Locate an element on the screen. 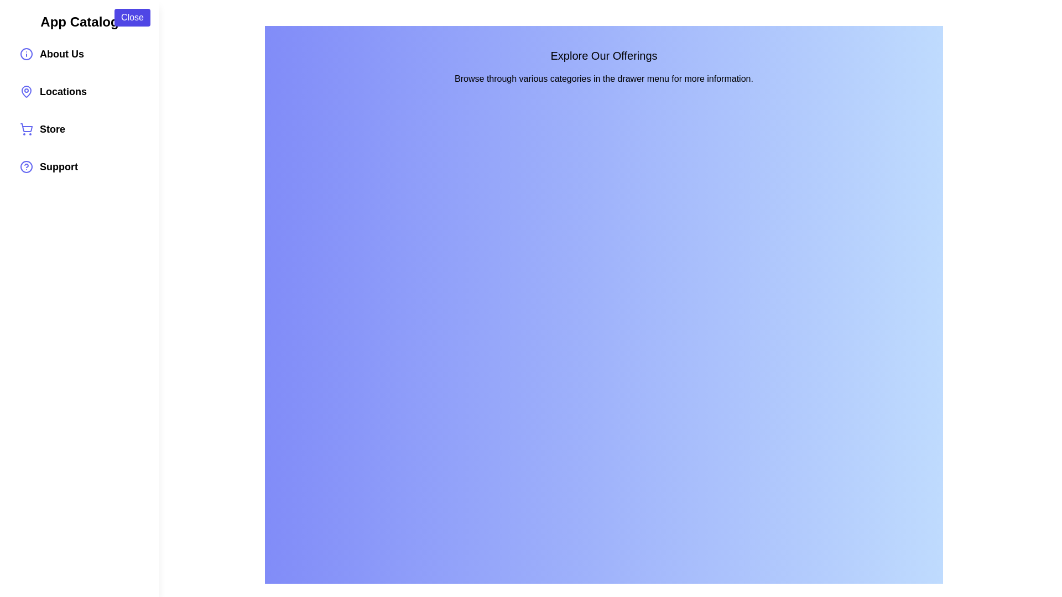 The image size is (1062, 597). the category item Support to see its hover effect is located at coordinates (79, 166).